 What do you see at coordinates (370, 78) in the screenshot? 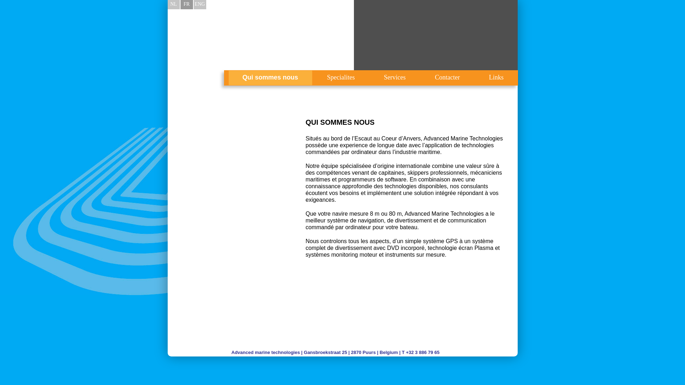
I see `'Services'` at bounding box center [370, 78].